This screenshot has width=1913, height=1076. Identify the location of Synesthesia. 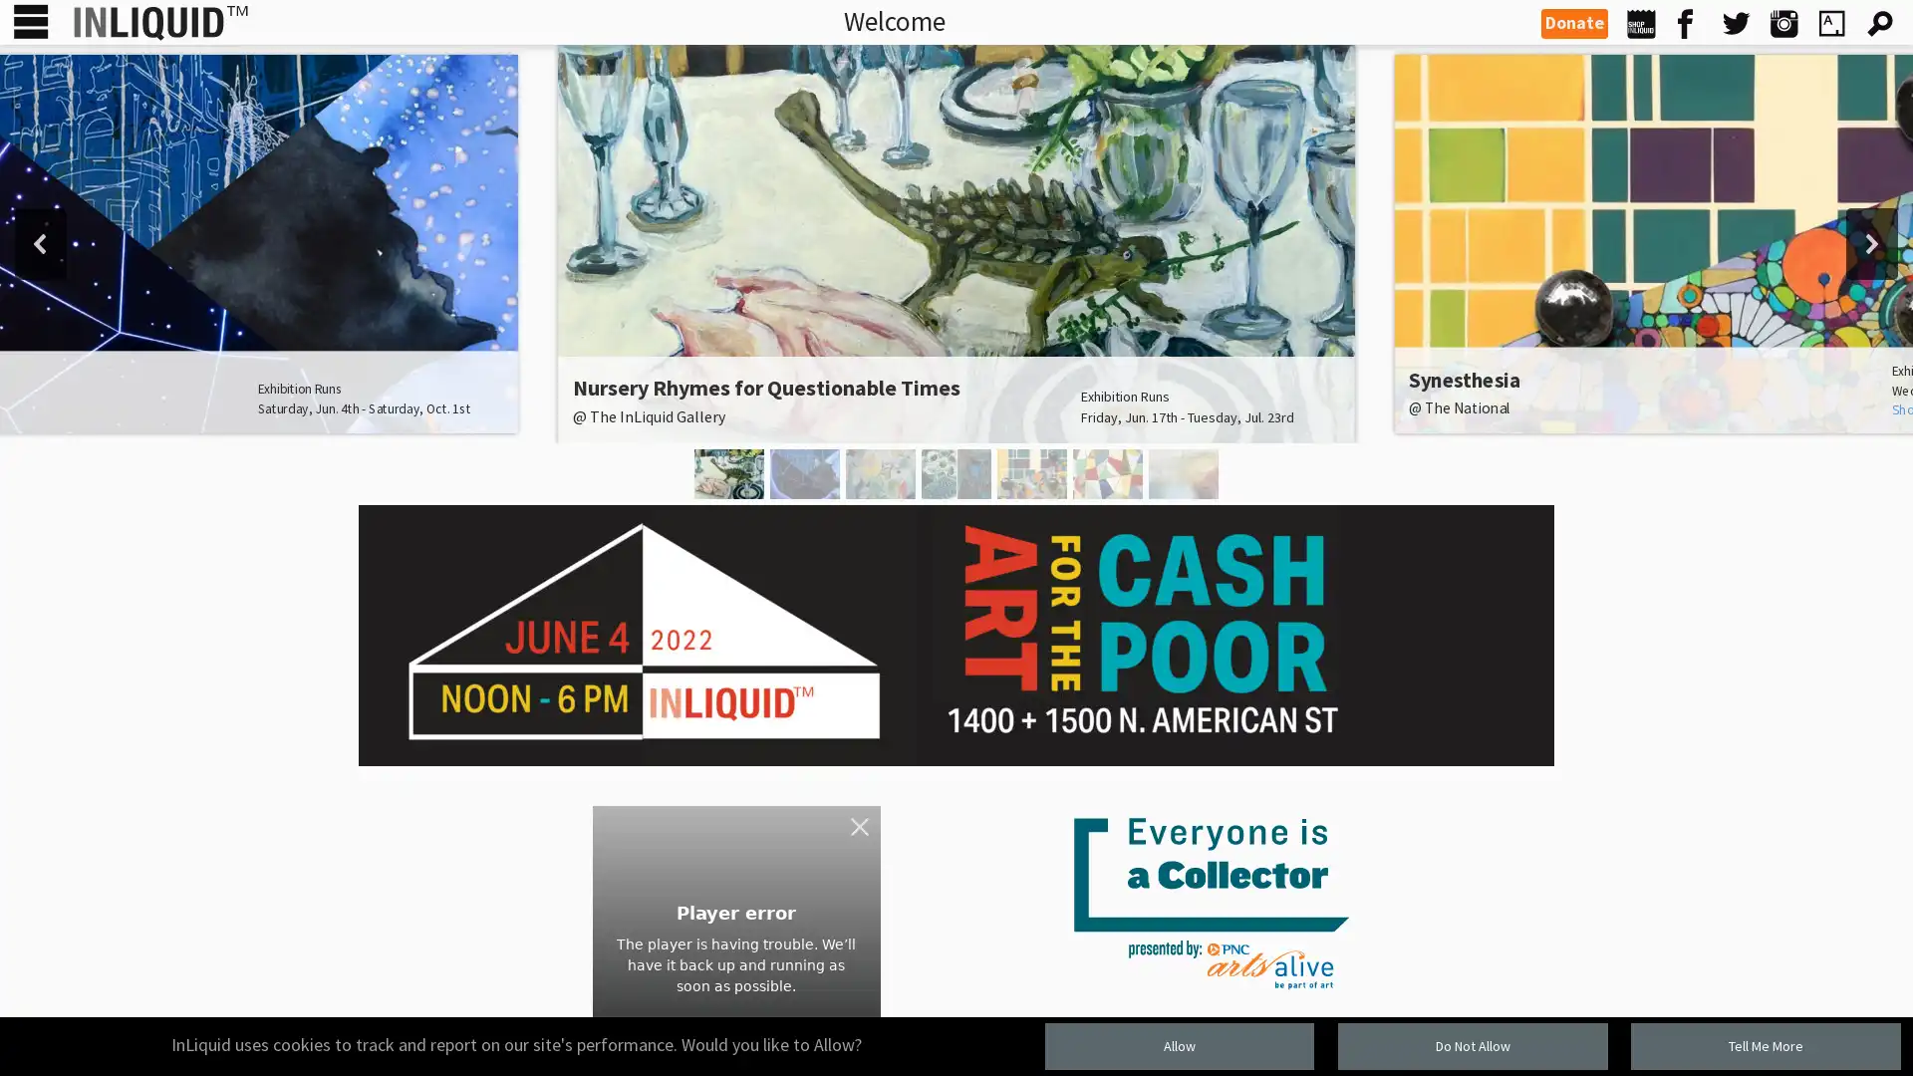
(1032, 473).